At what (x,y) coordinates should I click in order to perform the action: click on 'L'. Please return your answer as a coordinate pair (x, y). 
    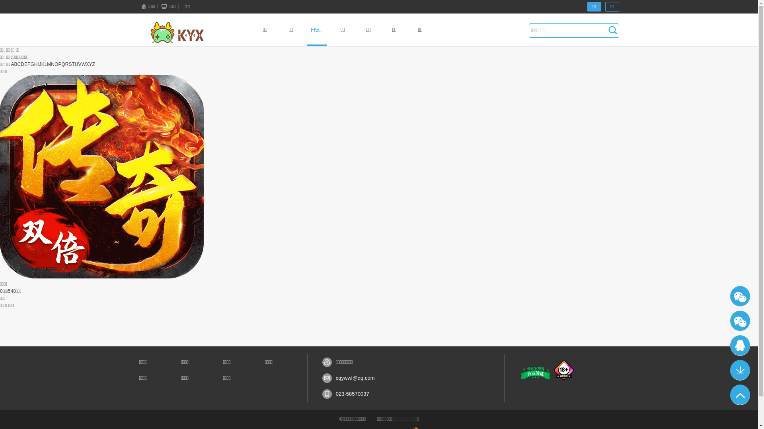
    Looking at the image, I should click on (45, 64).